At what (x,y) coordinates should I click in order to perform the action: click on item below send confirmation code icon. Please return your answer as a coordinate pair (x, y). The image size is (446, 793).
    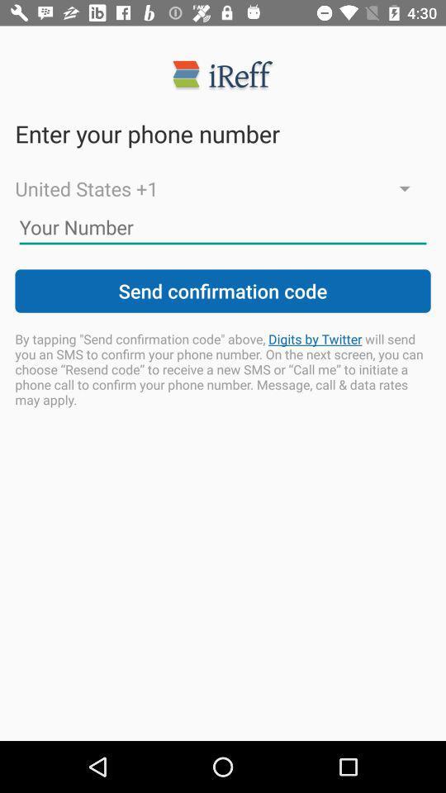
    Looking at the image, I should click on (223, 369).